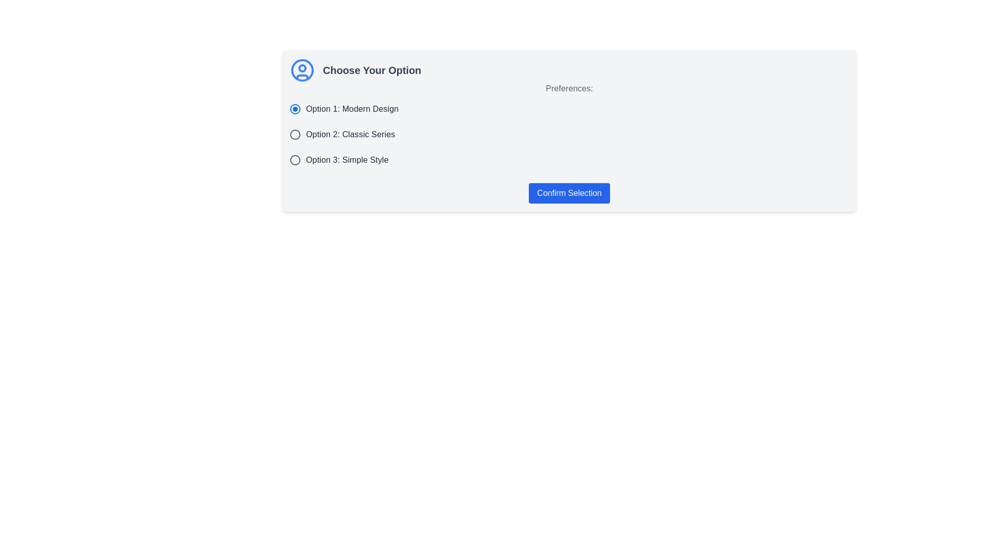 The height and width of the screenshot is (551, 981). I want to click on the unchecked radio button located within the third option of a vertical list, so click(294, 160).